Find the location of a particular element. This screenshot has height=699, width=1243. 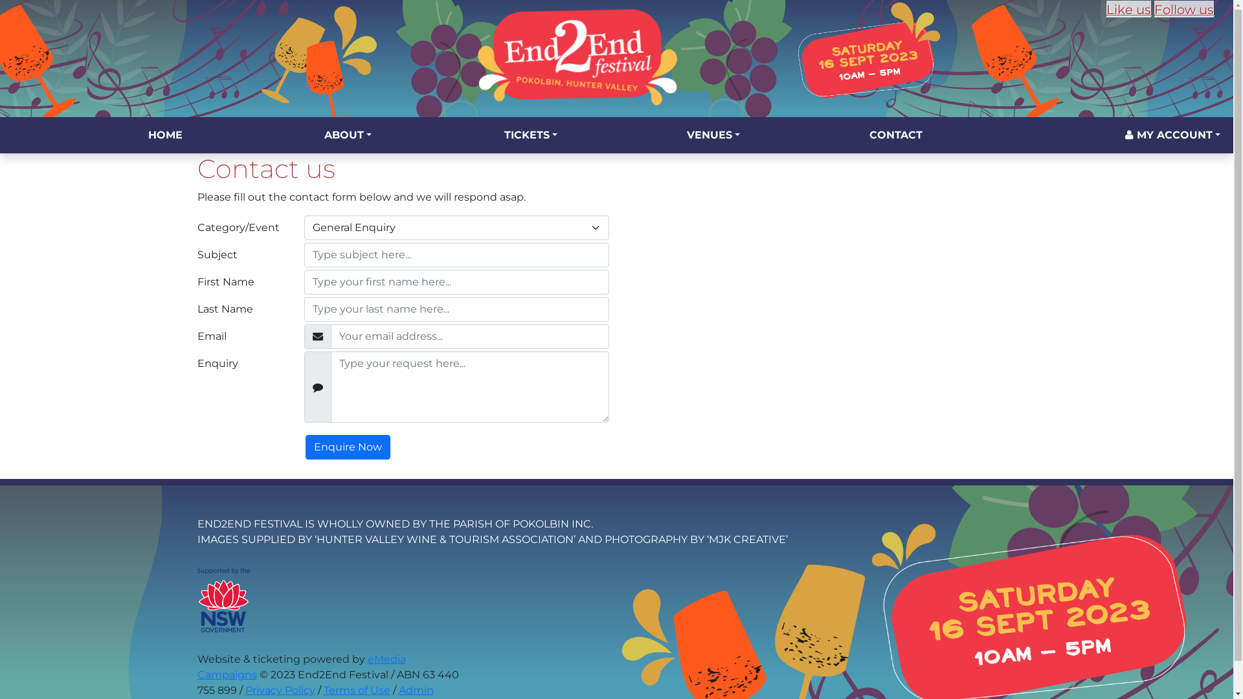

'TICKETS' is located at coordinates (531, 135).